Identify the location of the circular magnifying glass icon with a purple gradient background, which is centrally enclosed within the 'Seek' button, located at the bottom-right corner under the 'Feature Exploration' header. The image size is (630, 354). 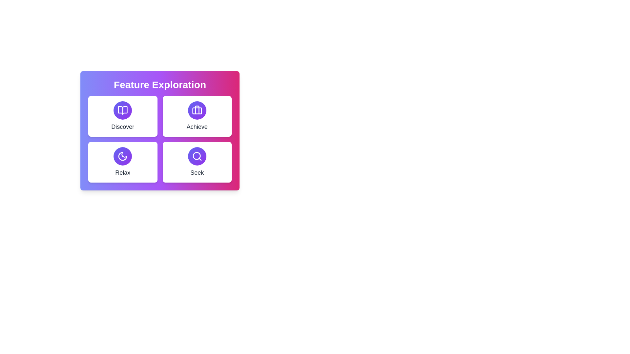
(197, 156).